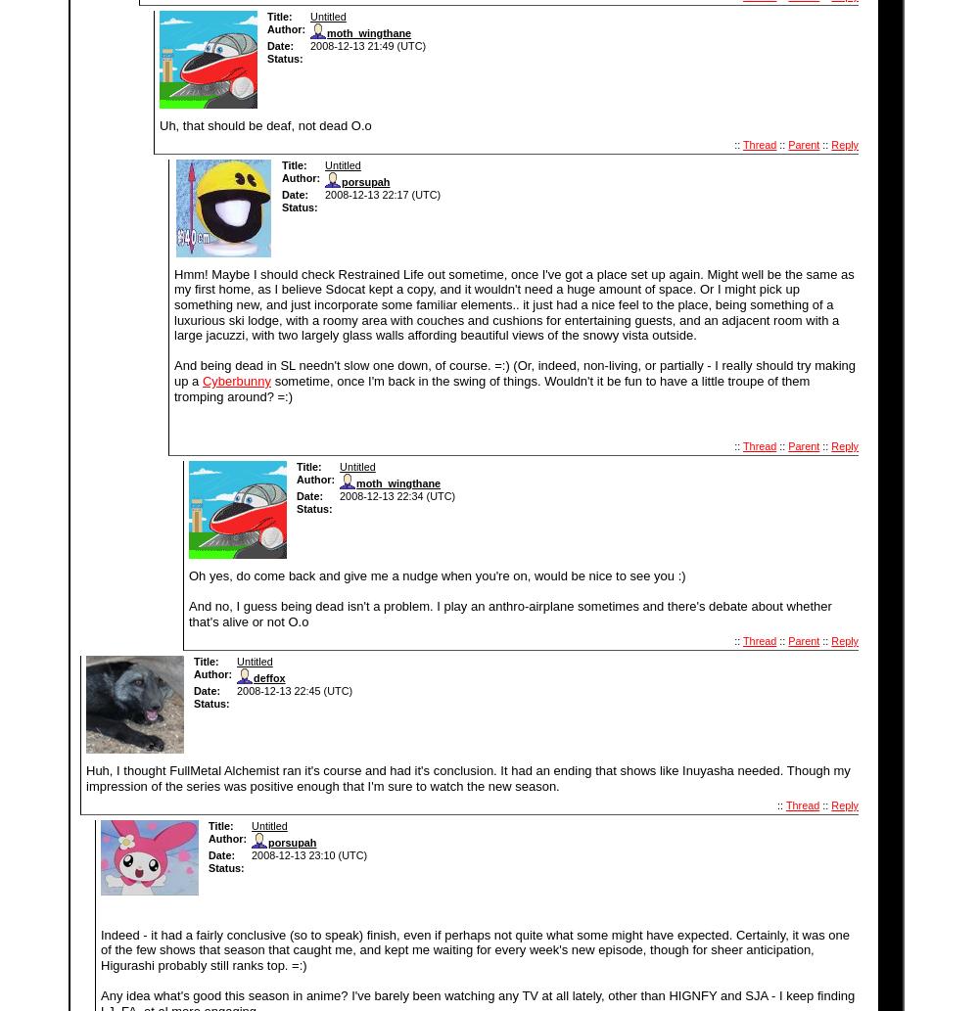  What do you see at coordinates (491, 388) in the screenshot?
I see `'sometime, once I'm back in the swing of things. Wouldn't it be fun to have a little troupe of them tromping around? =:)'` at bounding box center [491, 388].